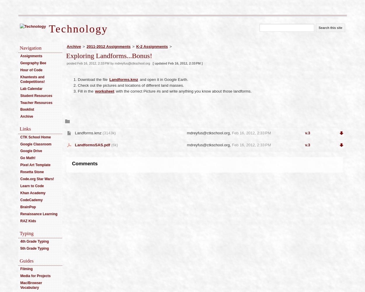 The width and height of the screenshot is (365, 292). What do you see at coordinates (20, 165) in the screenshot?
I see `'Pixel Art Template'` at bounding box center [20, 165].